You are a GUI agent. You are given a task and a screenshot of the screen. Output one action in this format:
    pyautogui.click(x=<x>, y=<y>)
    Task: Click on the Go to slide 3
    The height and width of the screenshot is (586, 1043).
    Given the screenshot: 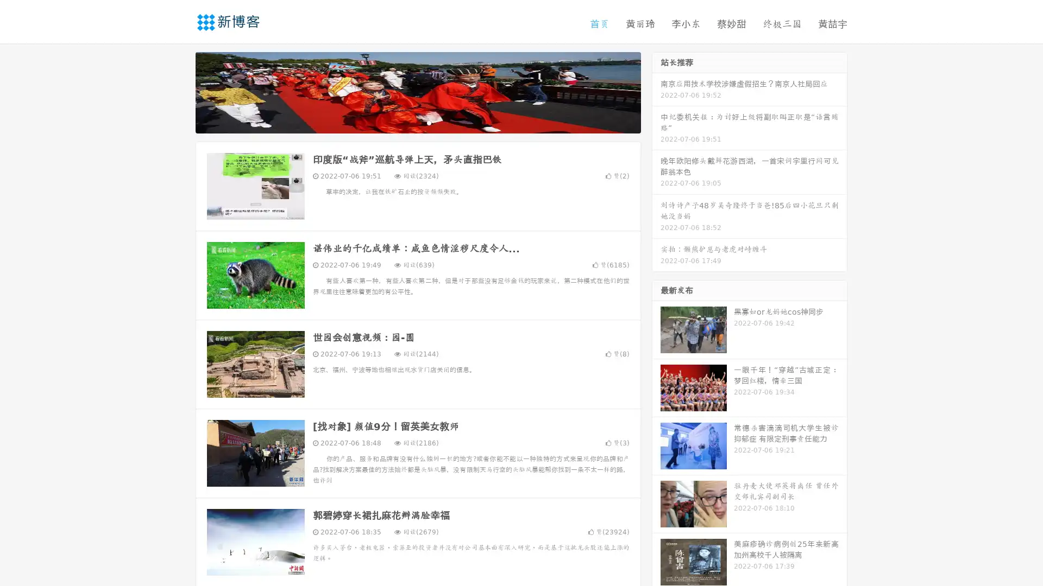 What is the action you would take?
    pyautogui.click(x=429, y=122)
    